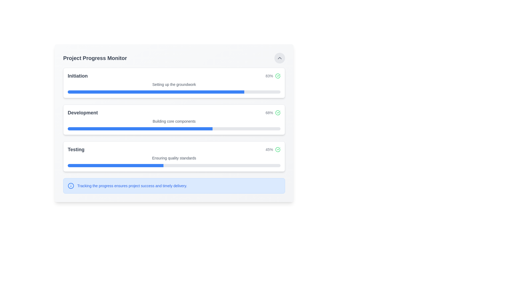 The image size is (512, 288). I want to click on the circular blue outlined icon located to the left of the text 'Tracking the progress ensures project success and timely delivery.', so click(70, 186).